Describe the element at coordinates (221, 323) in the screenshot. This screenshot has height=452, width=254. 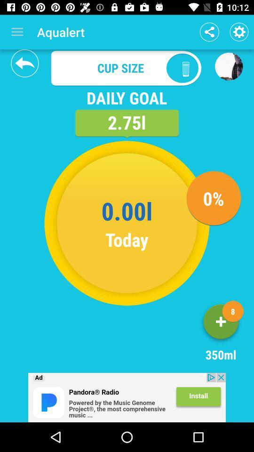
I see `350ml` at that location.